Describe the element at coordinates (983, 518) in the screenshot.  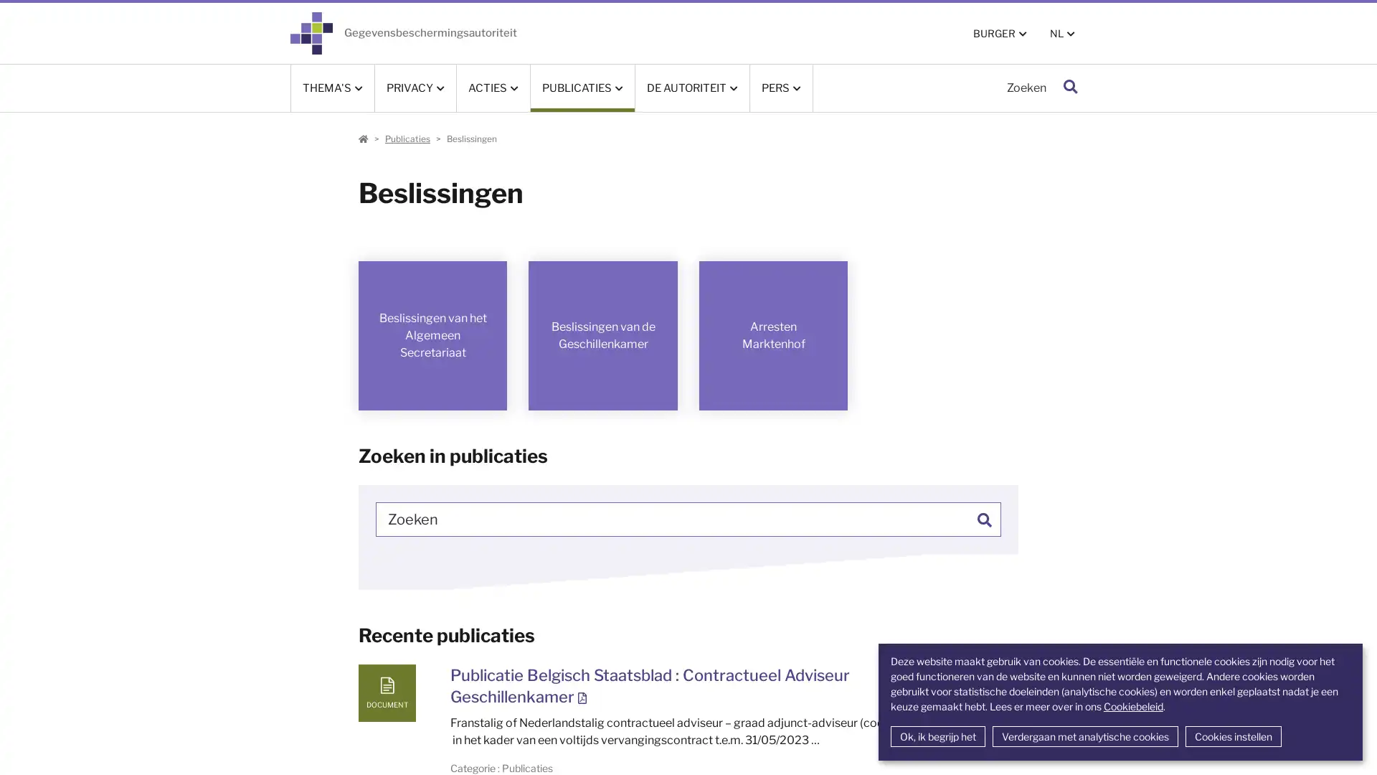
I see `Zoeken` at that location.